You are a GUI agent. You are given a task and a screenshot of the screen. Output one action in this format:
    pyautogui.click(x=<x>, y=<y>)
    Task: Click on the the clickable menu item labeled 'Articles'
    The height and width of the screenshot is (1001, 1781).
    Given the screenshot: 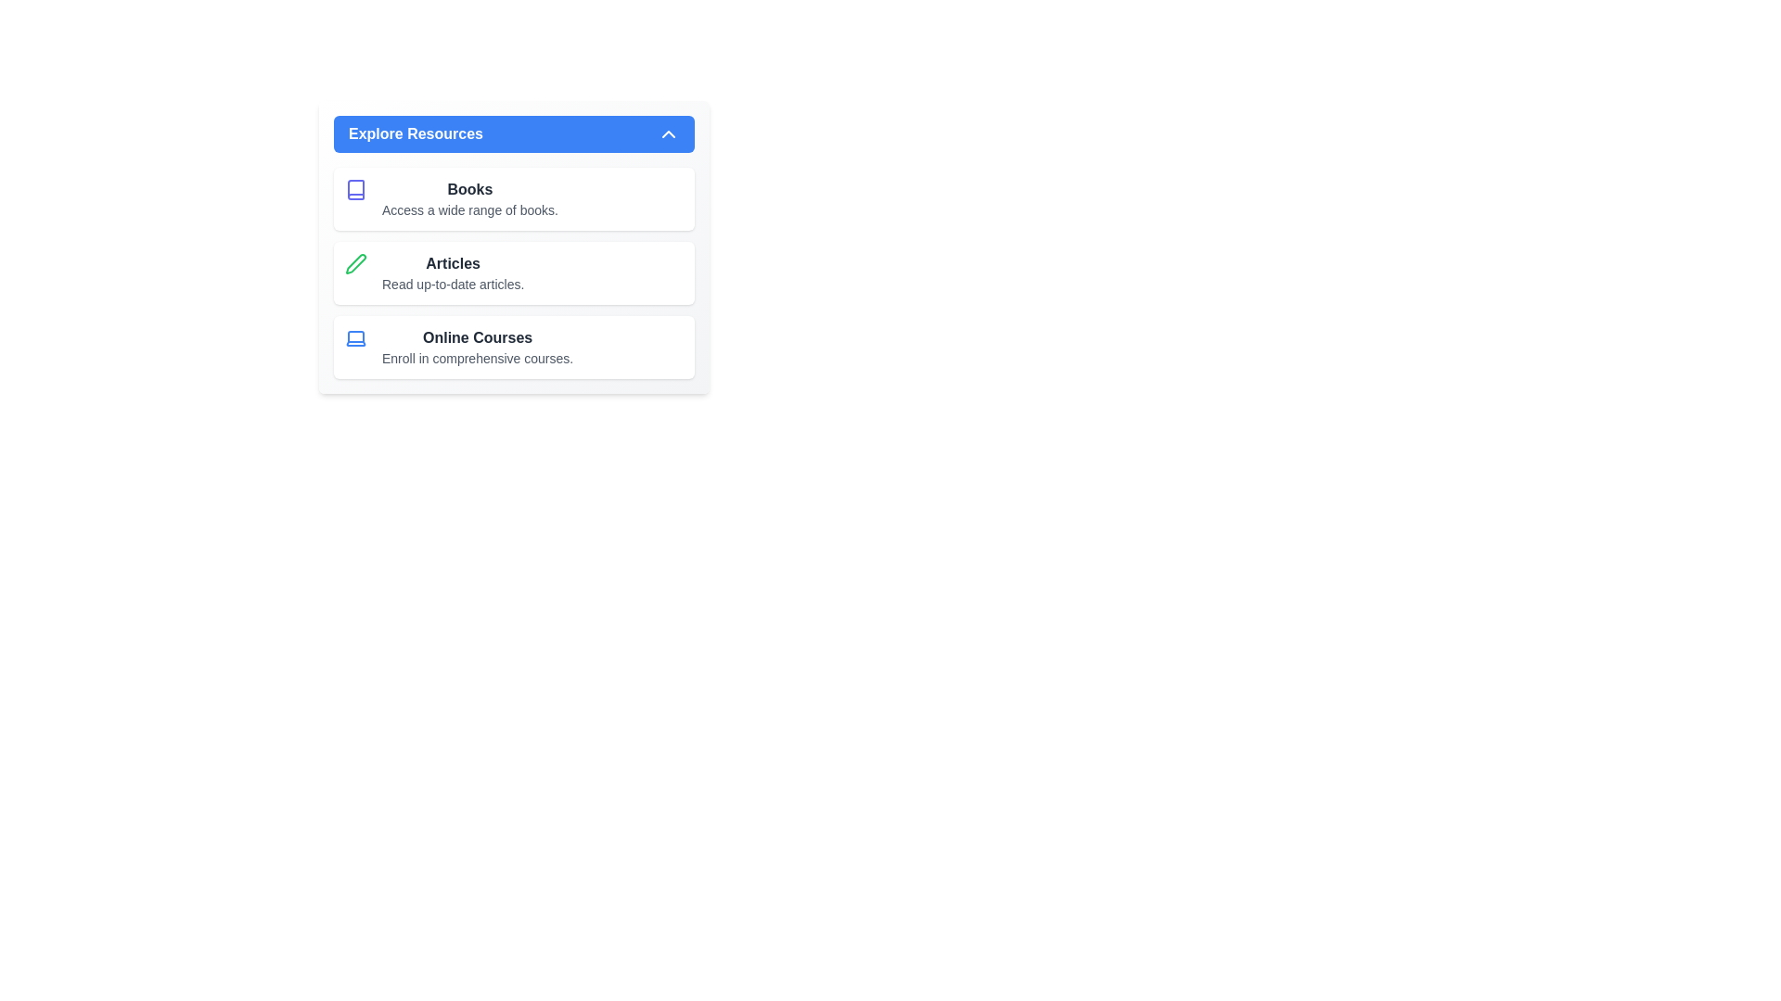 What is the action you would take?
    pyautogui.click(x=453, y=272)
    